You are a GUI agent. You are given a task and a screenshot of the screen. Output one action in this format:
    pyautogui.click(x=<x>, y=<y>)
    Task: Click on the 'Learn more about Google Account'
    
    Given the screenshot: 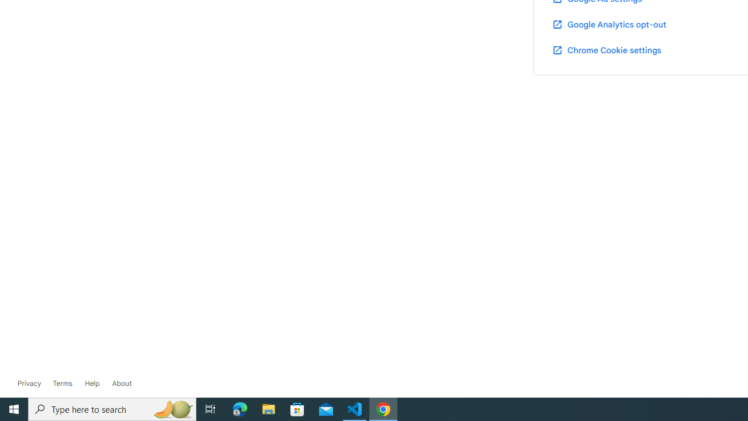 What is the action you would take?
    pyautogui.click(x=122, y=383)
    